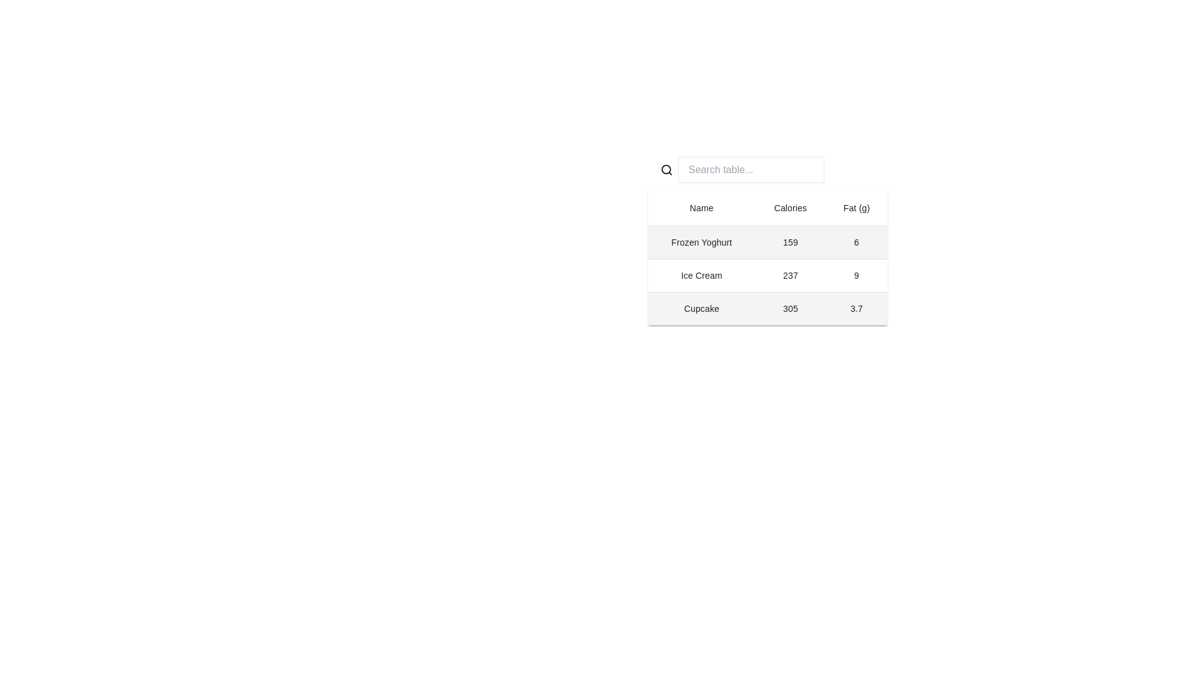 The width and height of the screenshot is (1201, 675). Describe the element at coordinates (789, 242) in the screenshot. I see `the table cell displaying the number '159' which is the second cell in the row labeled 'Frozen Yoghurt' under the 'Calories' header` at that location.